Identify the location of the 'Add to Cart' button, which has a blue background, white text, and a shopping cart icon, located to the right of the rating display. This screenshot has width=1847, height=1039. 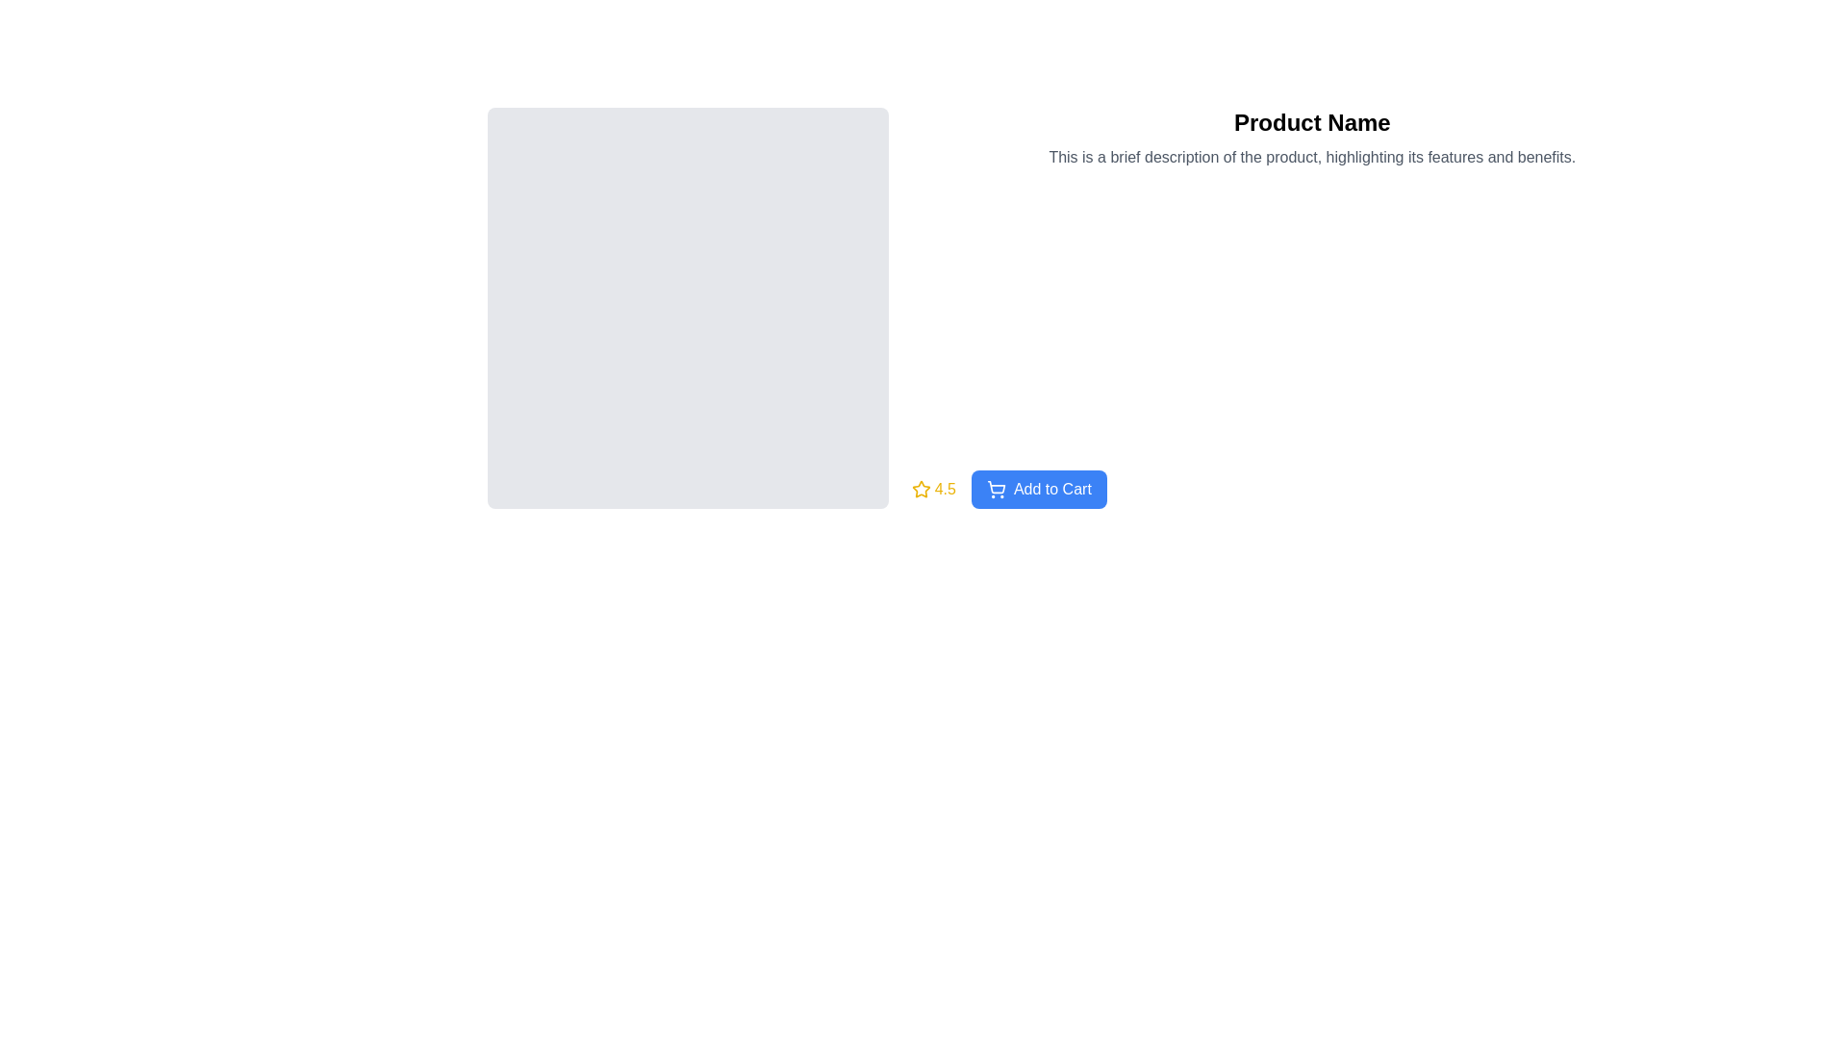
(1038, 488).